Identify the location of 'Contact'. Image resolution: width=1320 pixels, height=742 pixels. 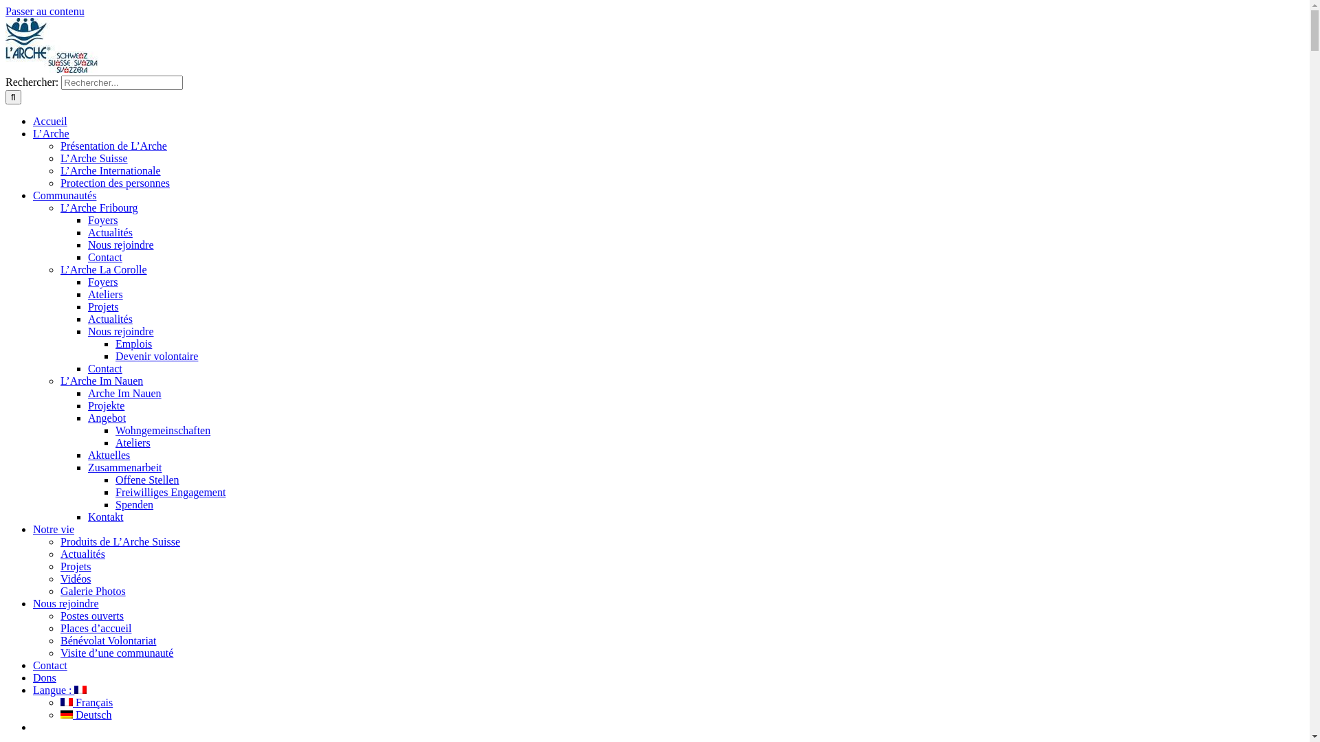
(104, 368).